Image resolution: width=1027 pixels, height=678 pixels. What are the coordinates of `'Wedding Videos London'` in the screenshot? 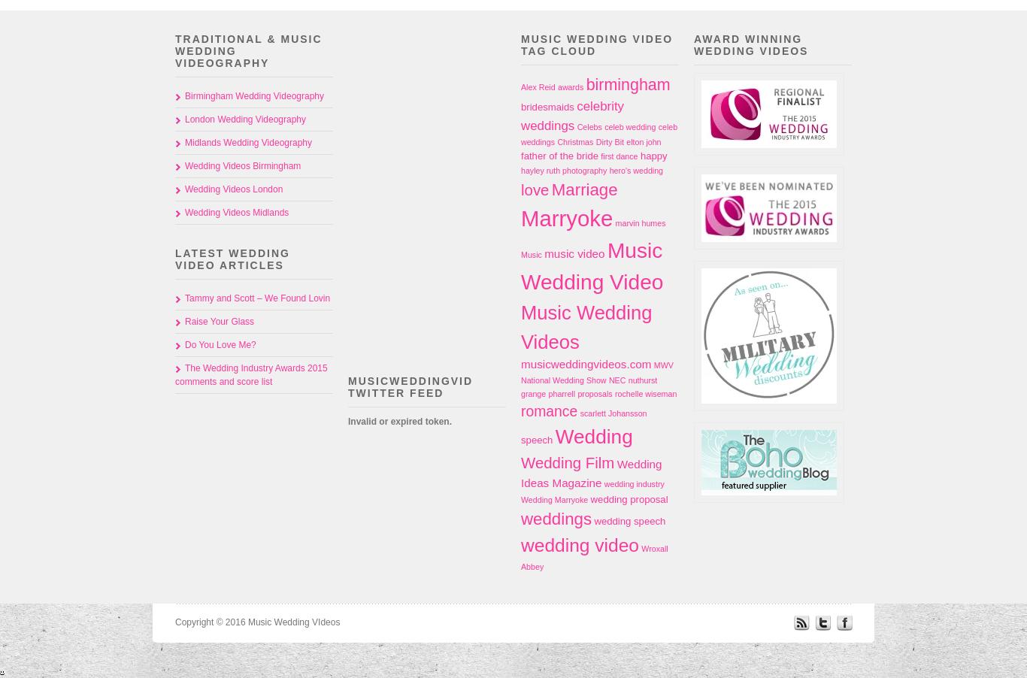 It's located at (234, 189).